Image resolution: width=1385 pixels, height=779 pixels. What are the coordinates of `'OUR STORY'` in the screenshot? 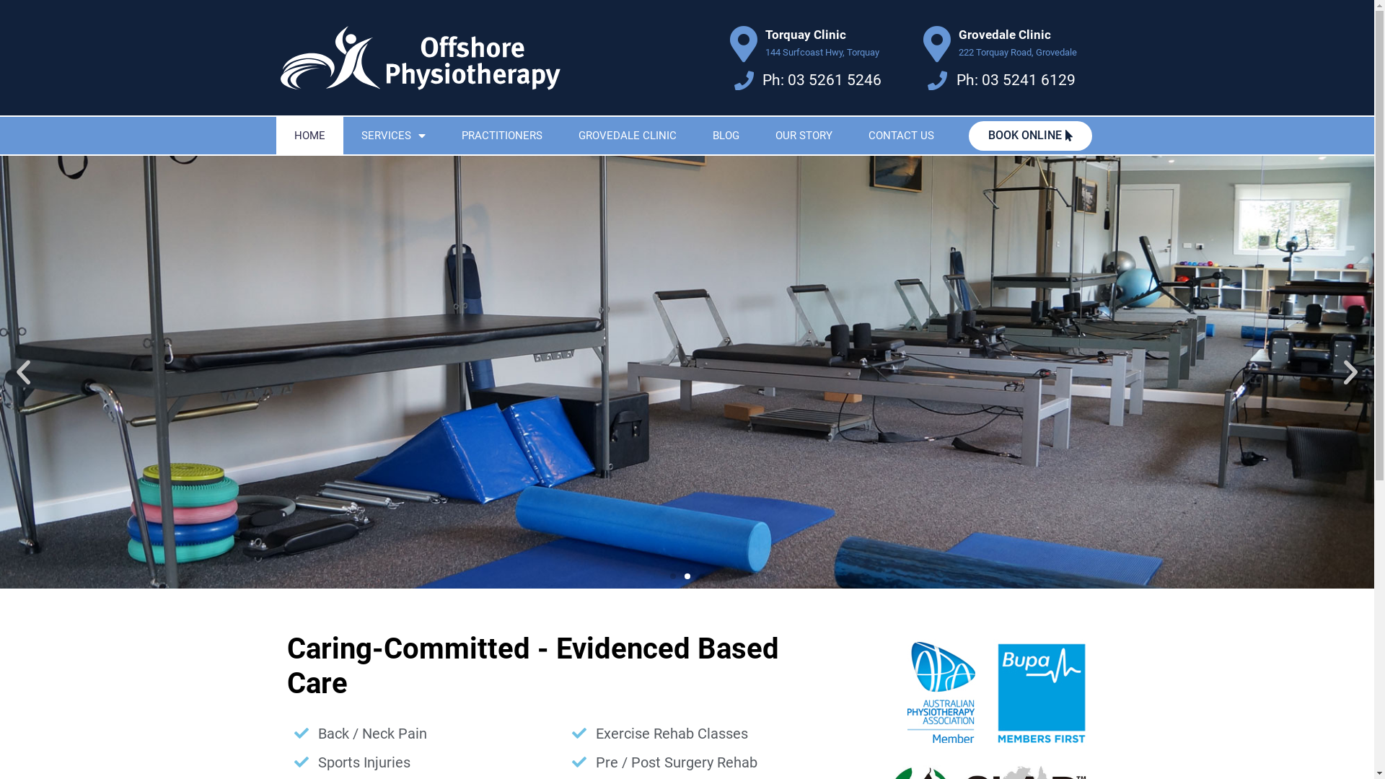 It's located at (803, 136).